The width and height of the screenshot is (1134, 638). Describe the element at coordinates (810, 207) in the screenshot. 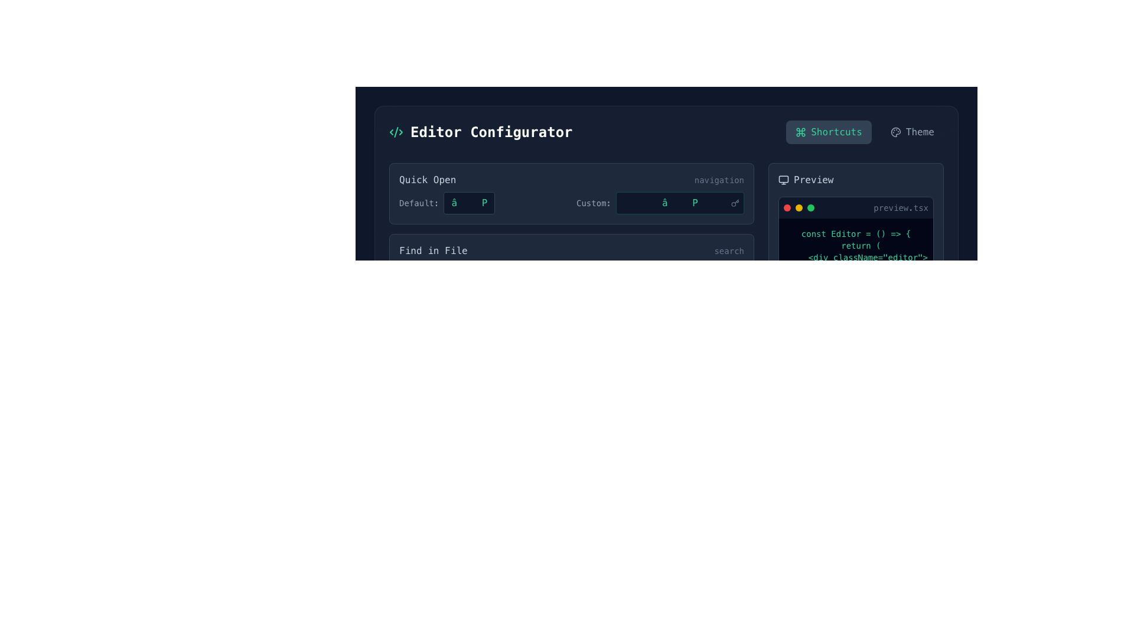

I see `the green status indicator, which is the third icon in a horizontal sequence of circular icons located near the top-right area of the interface` at that location.